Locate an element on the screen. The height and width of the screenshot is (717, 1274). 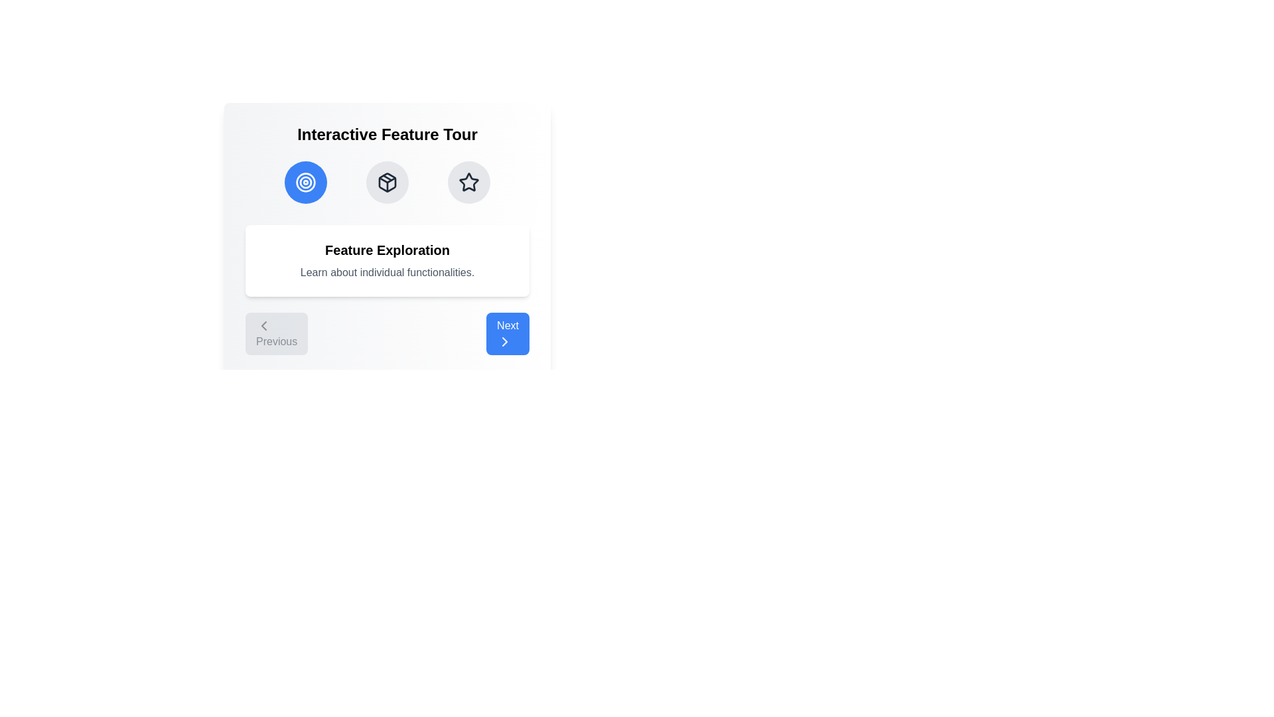
the leftward chevron icon within the 'Previous' button, which indicates a backward navigation action is located at coordinates (264, 325).